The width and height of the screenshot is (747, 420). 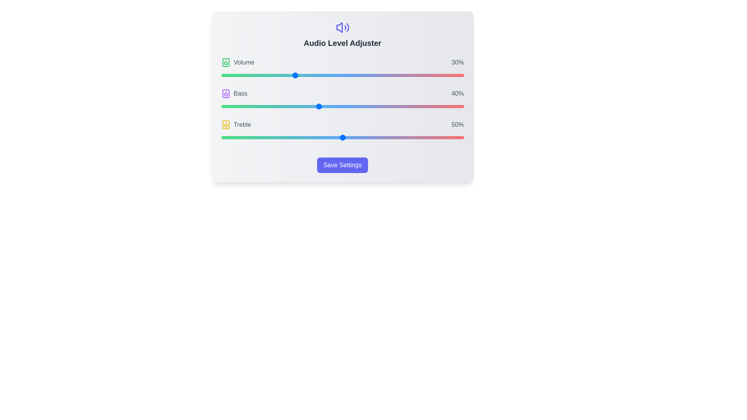 What do you see at coordinates (342, 106) in the screenshot?
I see `the Bass slider to 50%` at bounding box center [342, 106].